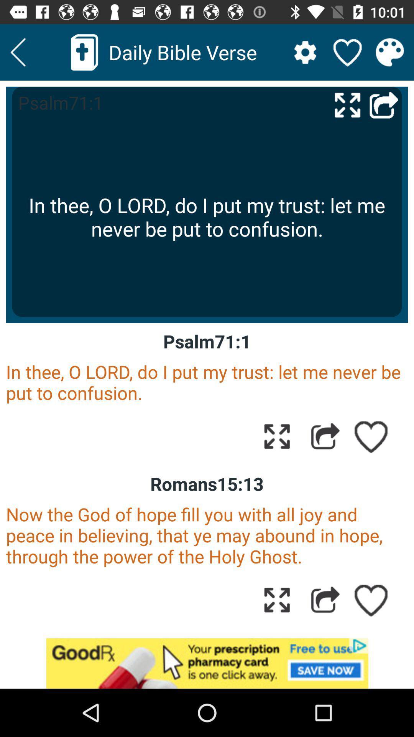  Describe the element at coordinates (277, 599) in the screenshot. I see `rotate button` at that location.